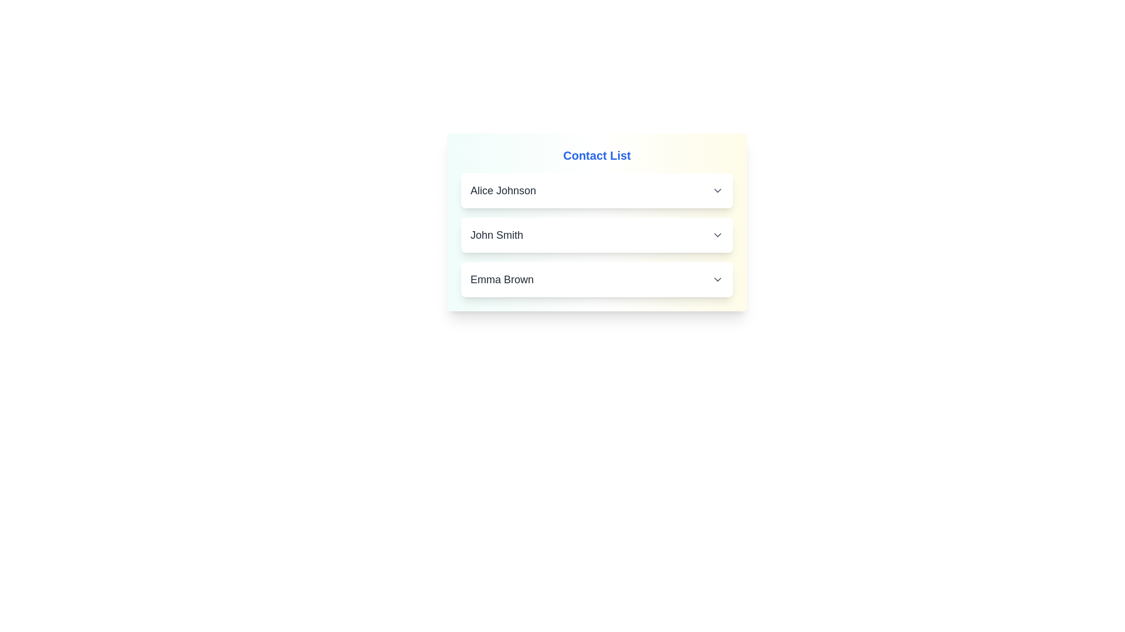 The width and height of the screenshot is (1125, 632). I want to click on the interactive icon associated with Alice Johnson, so click(717, 190).